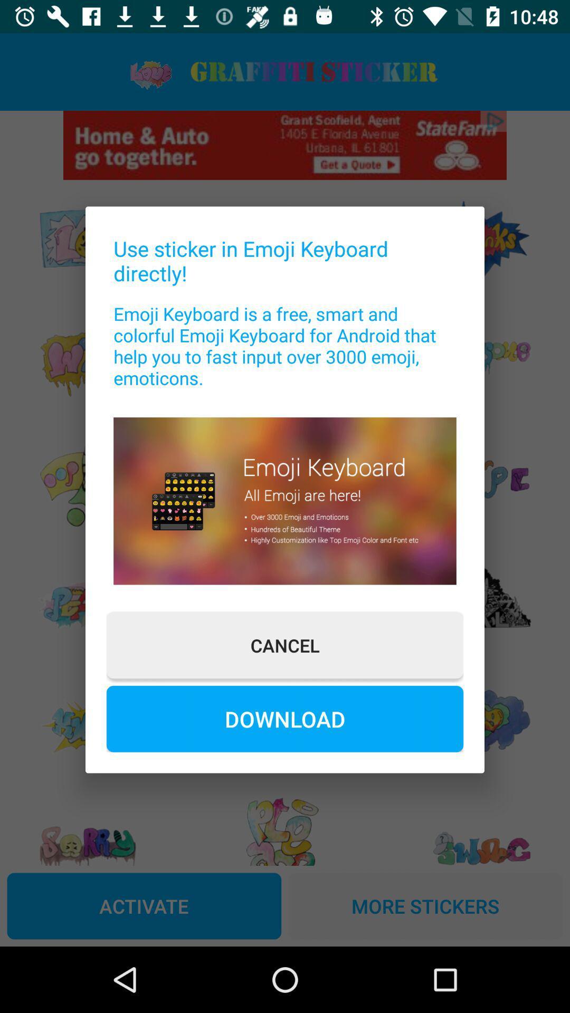 The image size is (570, 1013). What do you see at coordinates (285, 718) in the screenshot?
I see `download` at bounding box center [285, 718].